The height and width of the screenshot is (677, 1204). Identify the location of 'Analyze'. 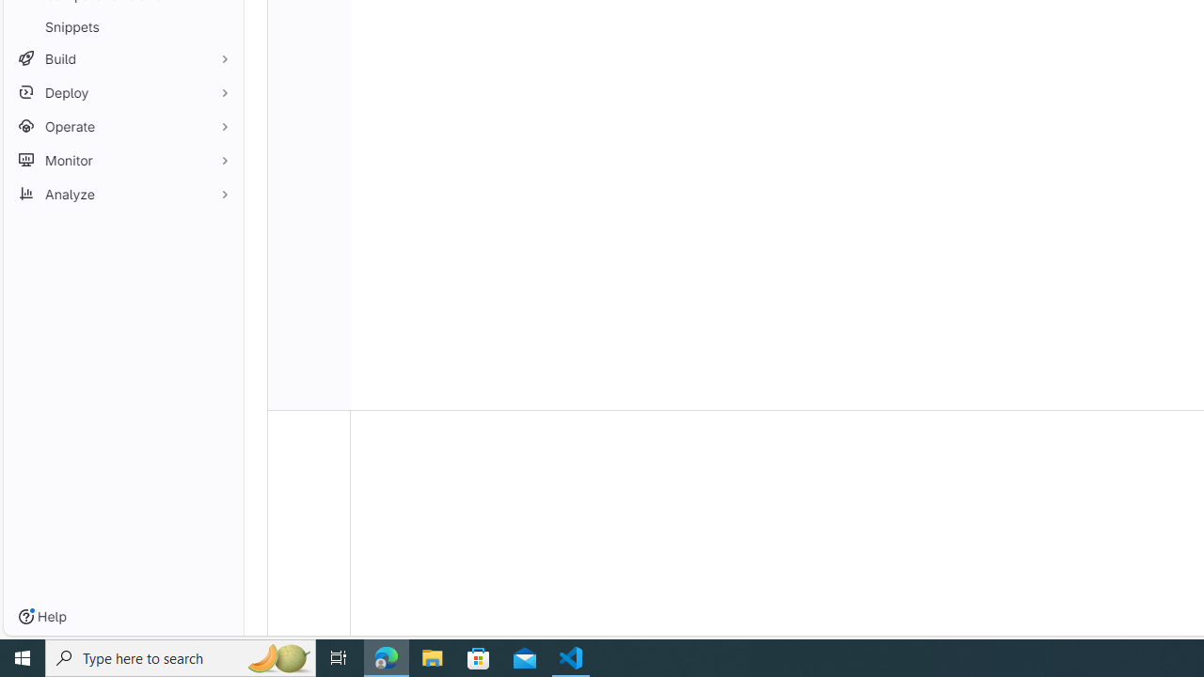
(122, 194).